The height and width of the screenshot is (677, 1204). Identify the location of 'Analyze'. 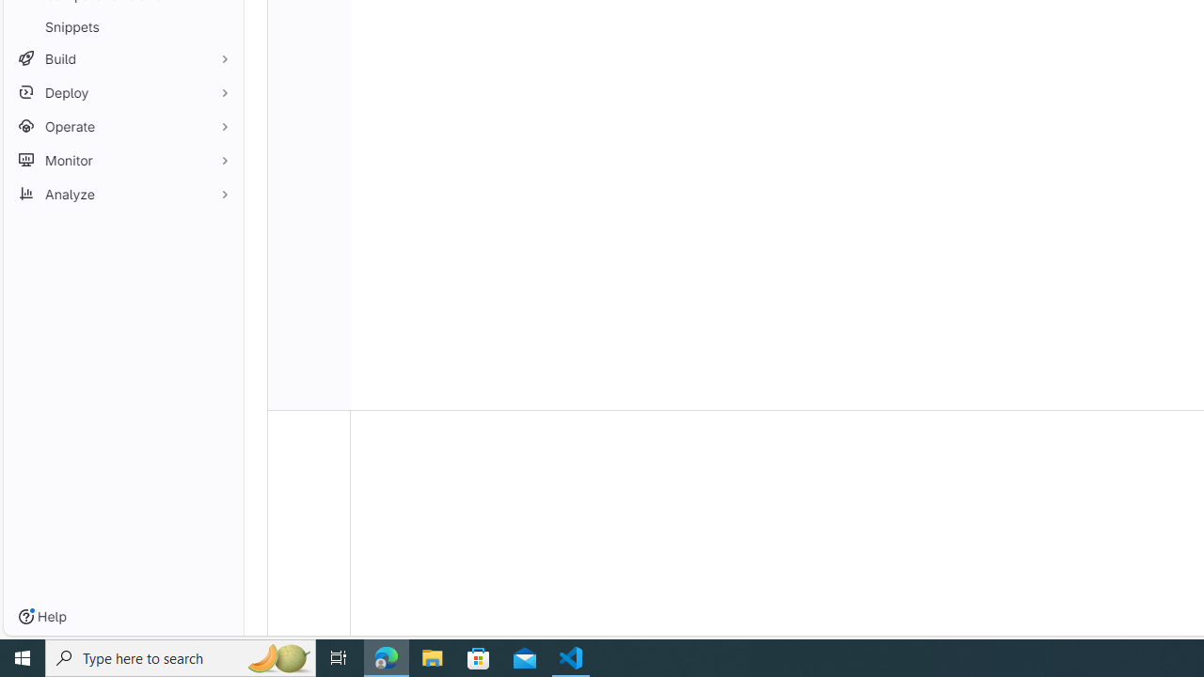
(122, 194).